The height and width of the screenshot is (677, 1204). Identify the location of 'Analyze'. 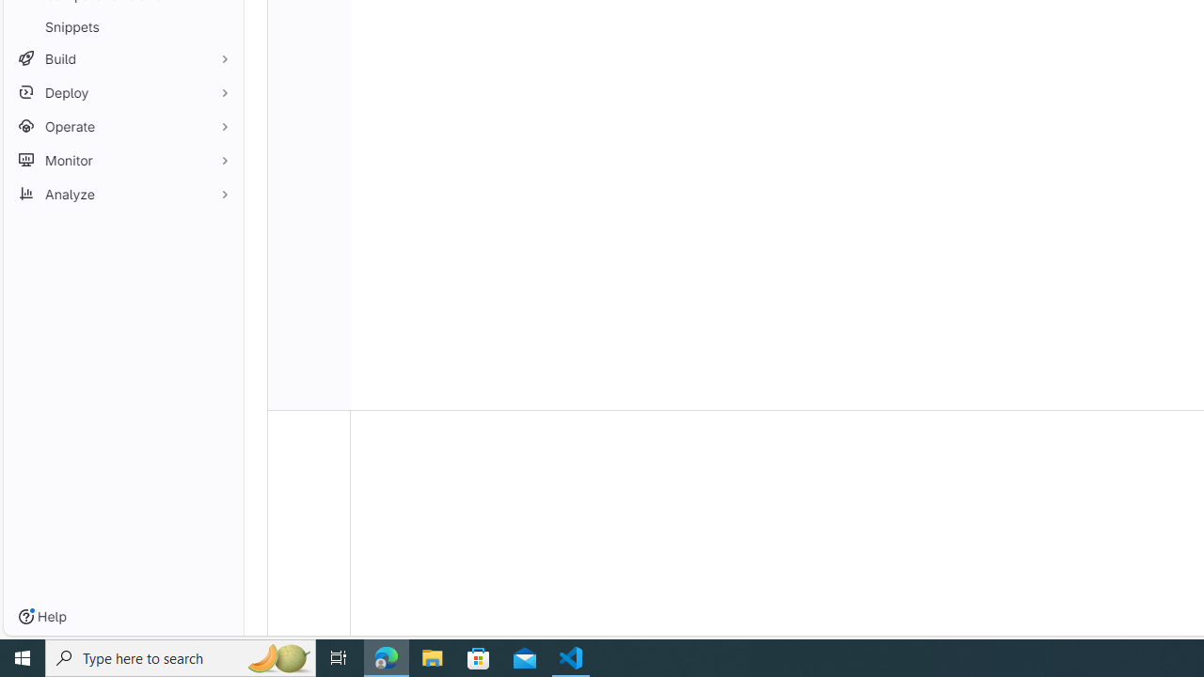
(122, 194).